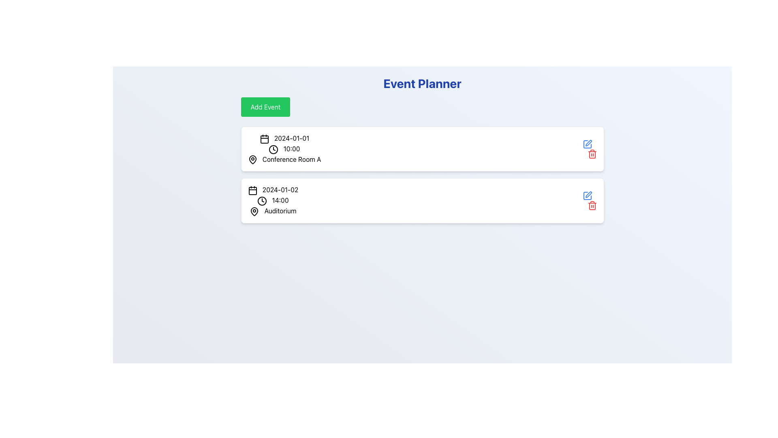 This screenshot has width=778, height=438. I want to click on the rectangular graphic with a white background and rounded corners that is part of the calendar icon for the event scheduled on 2024-01-02, so click(252, 191).